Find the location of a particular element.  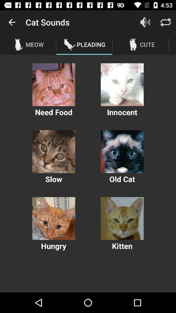

the item next to cat sounds app is located at coordinates (12, 22).